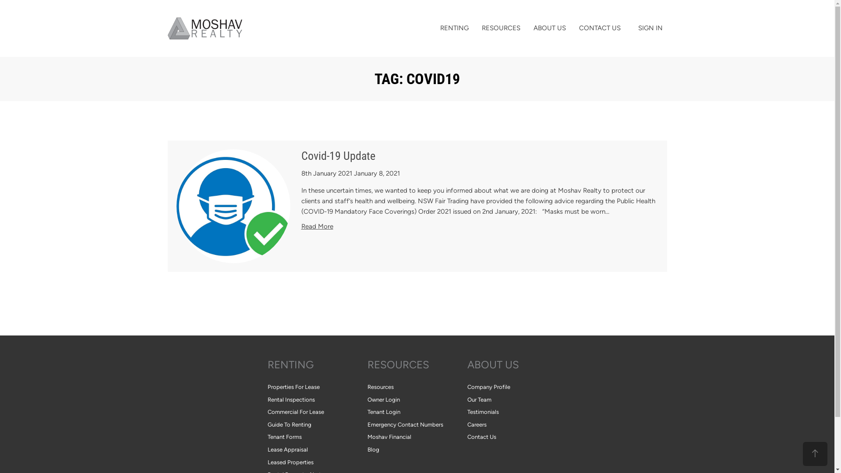 Image resolution: width=841 pixels, height=473 pixels. Describe the element at coordinates (317, 400) in the screenshot. I see `'Rental Inspections'` at that location.